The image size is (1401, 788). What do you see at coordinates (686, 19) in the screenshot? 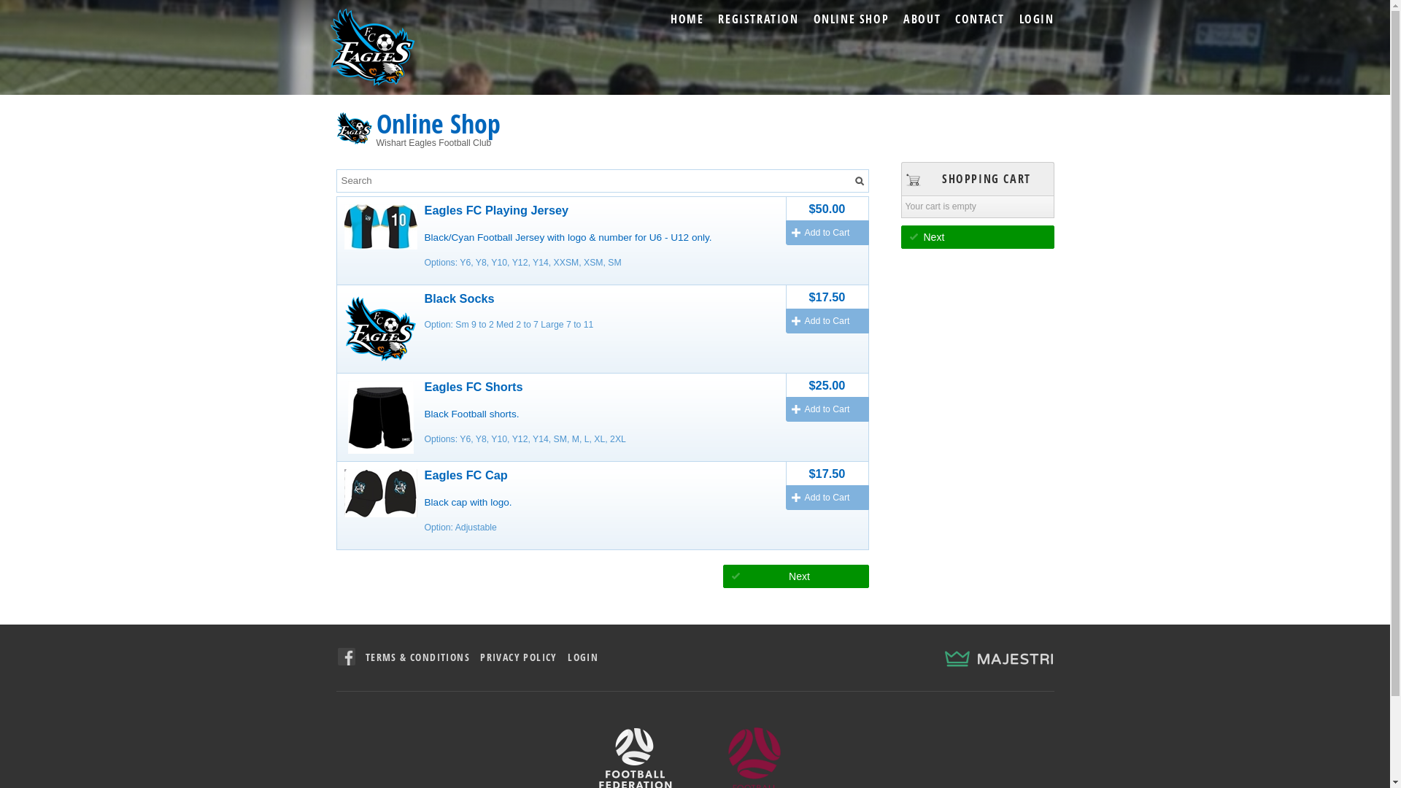
I see `'HOME'` at bounding box center [686, 19].